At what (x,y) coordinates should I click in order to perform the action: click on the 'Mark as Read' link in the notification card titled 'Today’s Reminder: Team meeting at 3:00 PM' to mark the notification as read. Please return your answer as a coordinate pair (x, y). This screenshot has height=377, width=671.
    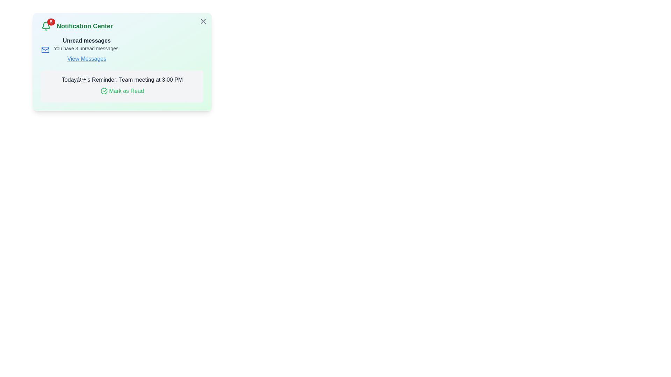
    Looking at the image, I should click on (122, 86).